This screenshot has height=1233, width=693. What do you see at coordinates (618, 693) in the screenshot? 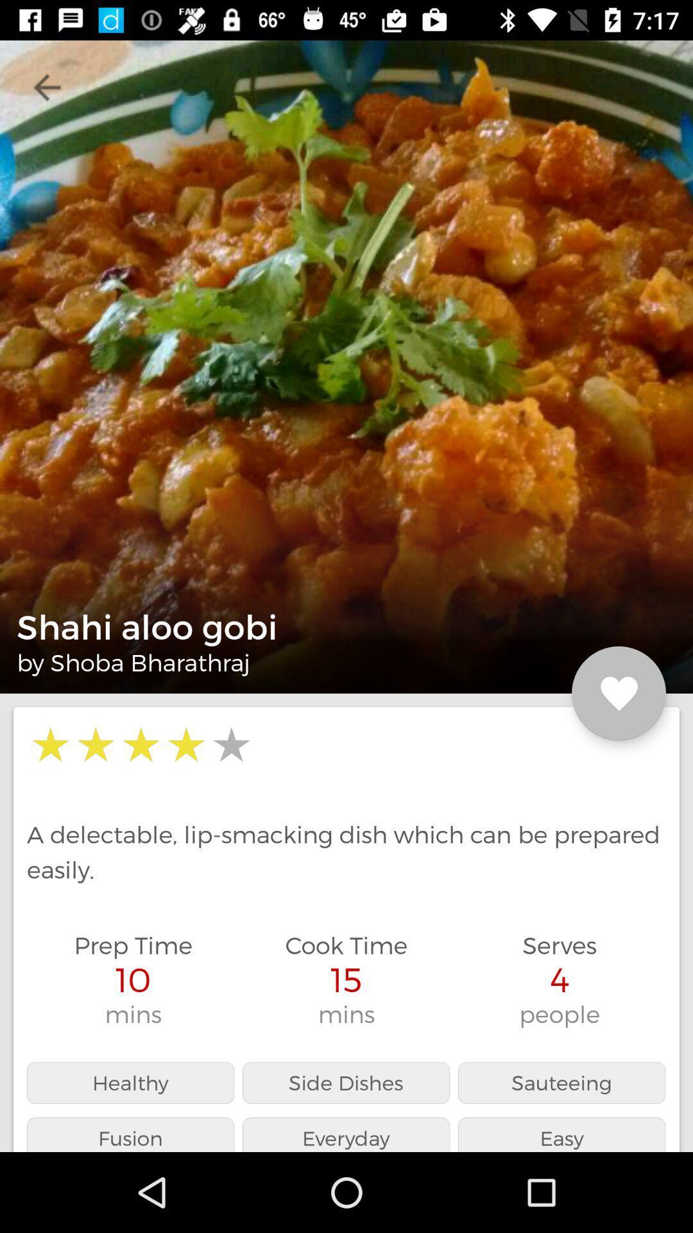
I see `item above the a delectable lip icon` at bounding box center [618, 693].